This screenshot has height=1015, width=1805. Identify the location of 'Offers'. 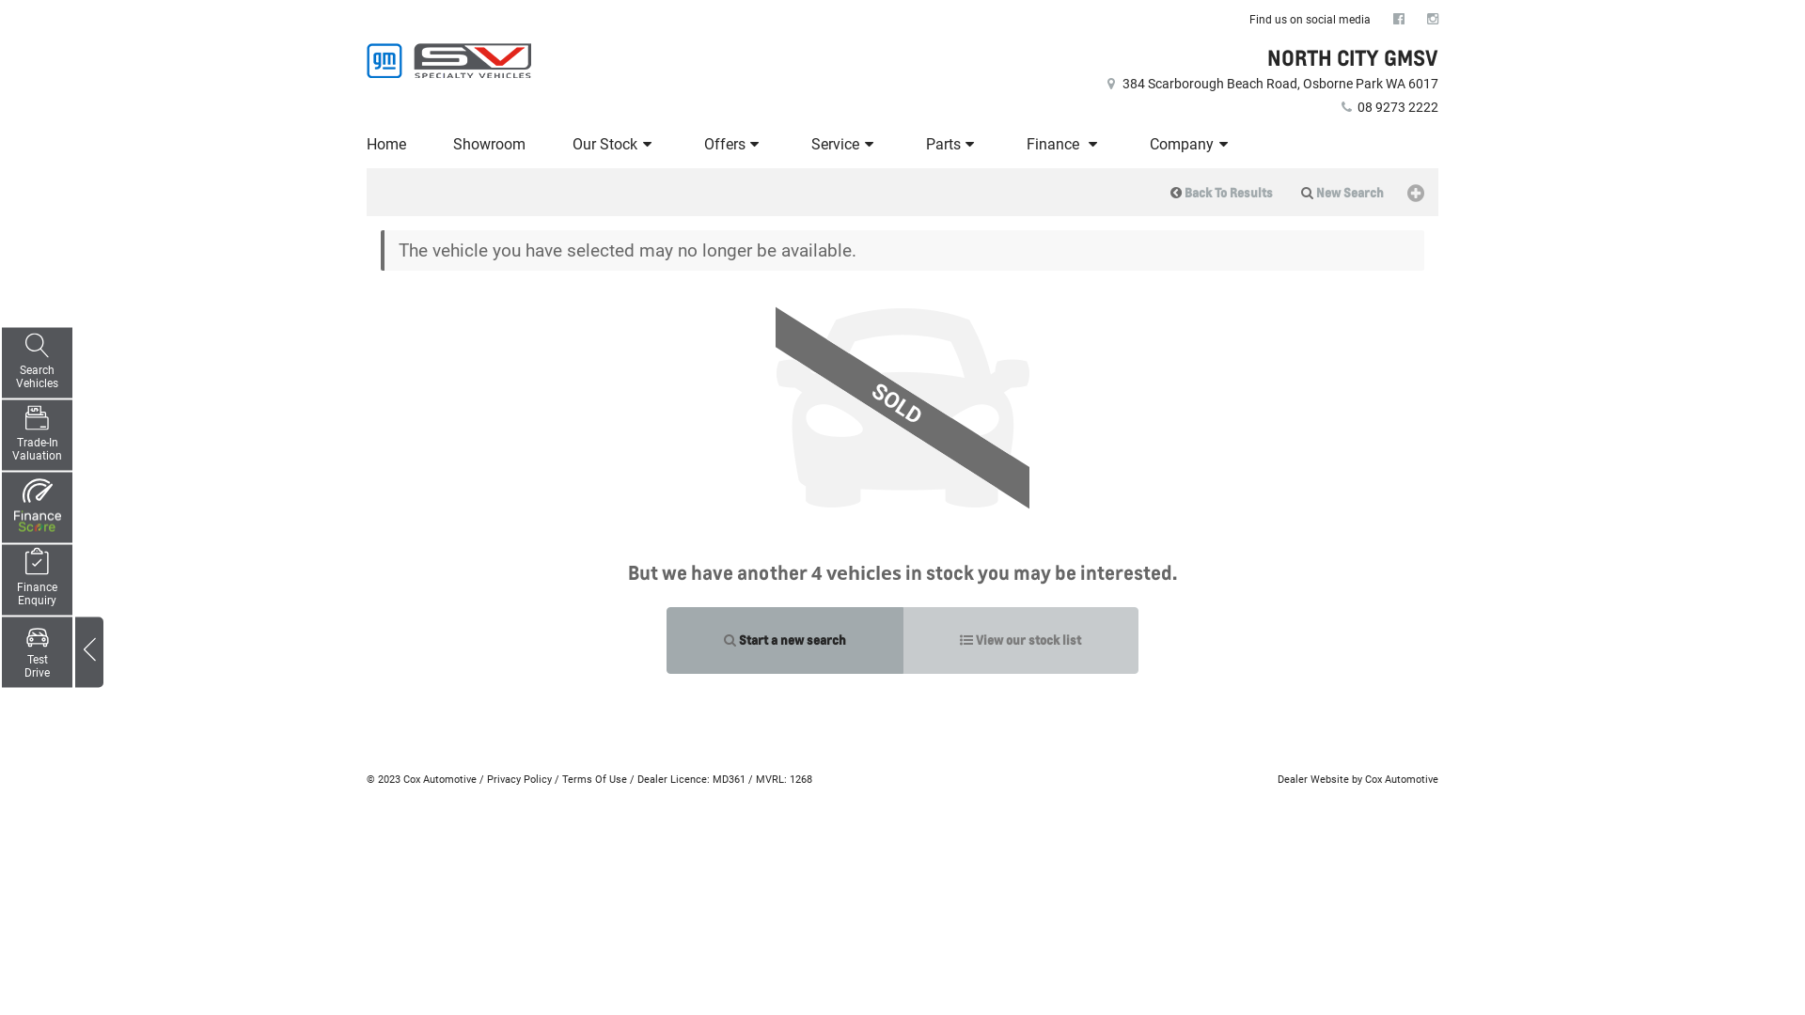
(733, 144).